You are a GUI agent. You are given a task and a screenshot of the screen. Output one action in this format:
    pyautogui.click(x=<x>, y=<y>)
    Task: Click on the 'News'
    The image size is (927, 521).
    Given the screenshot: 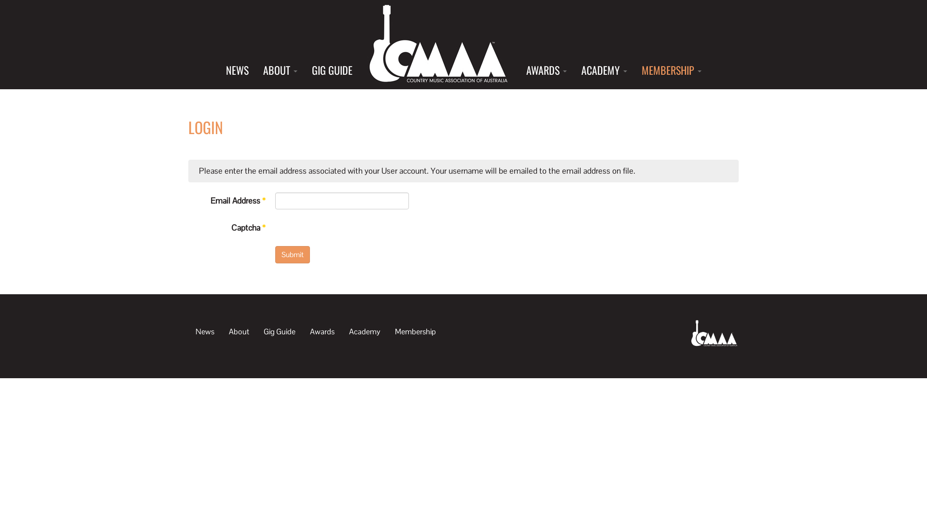 What is the action you would take?
    pyautogui.click(x=204, y=330)
    